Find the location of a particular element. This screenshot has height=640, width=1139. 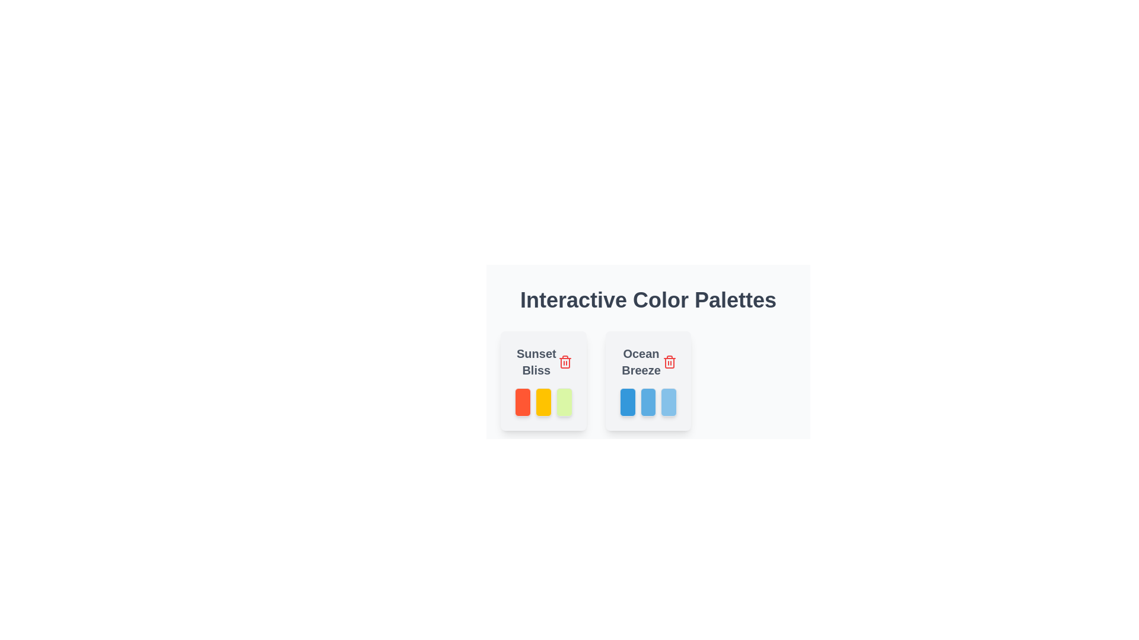

the delete button for the 'Ocean Breeze' color palette is located at coordinates (670, 361).